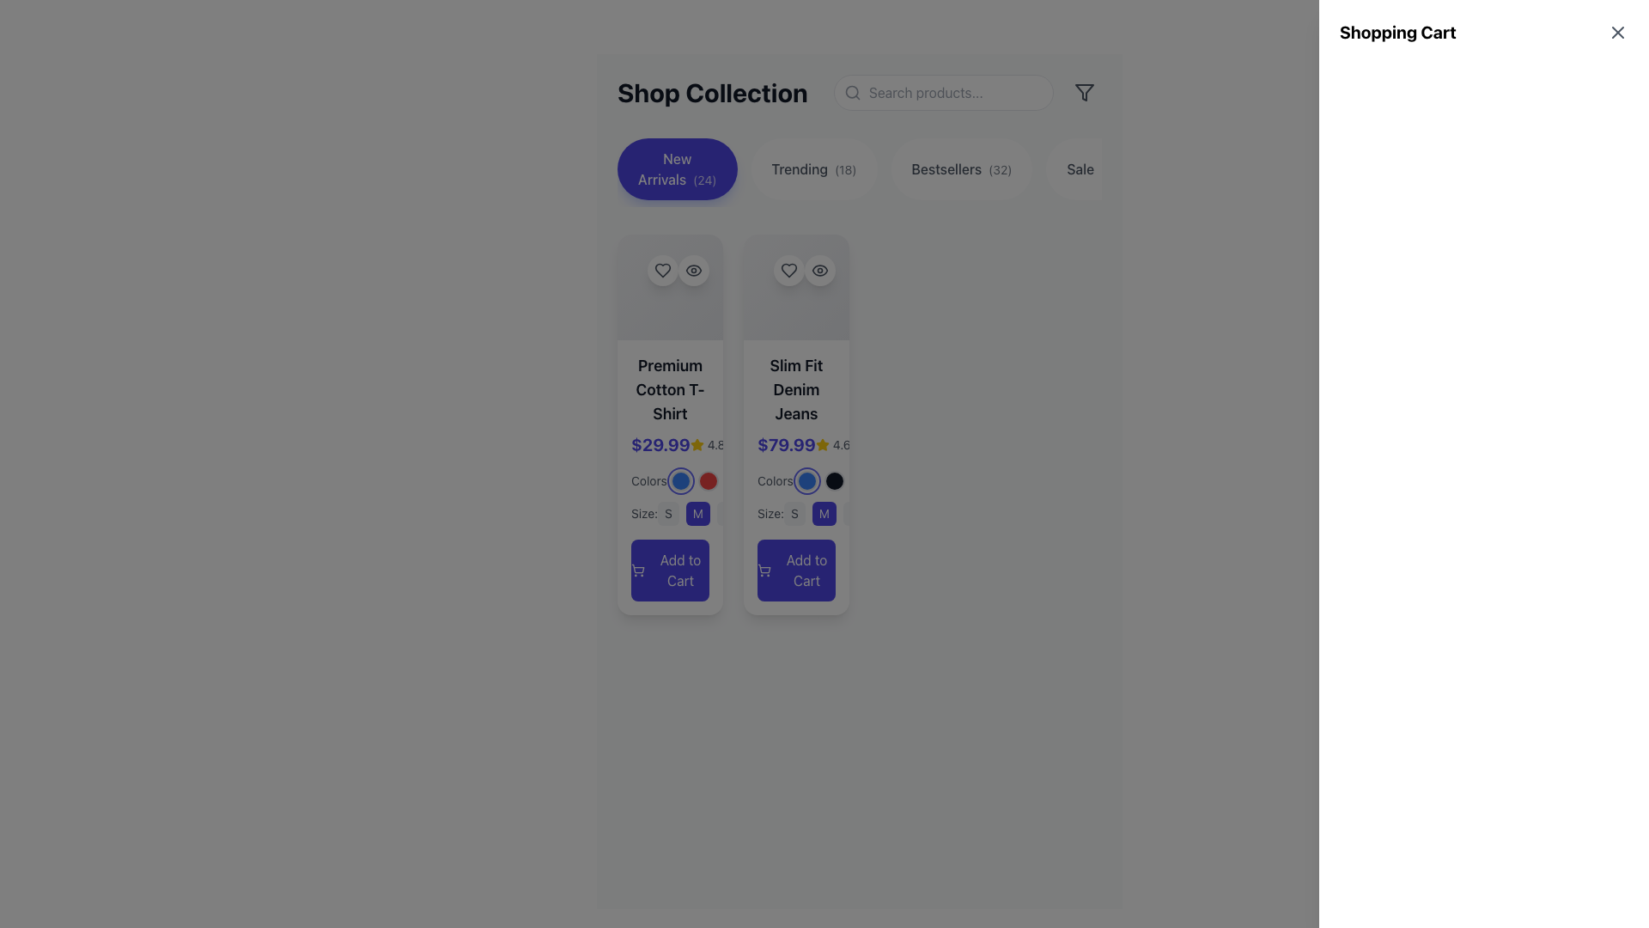 This screenshot has width=1649, height=928. I want to click on the second circular button with a red background in the row of three buttons beneath the text 'Colors:', so click(708, 480).